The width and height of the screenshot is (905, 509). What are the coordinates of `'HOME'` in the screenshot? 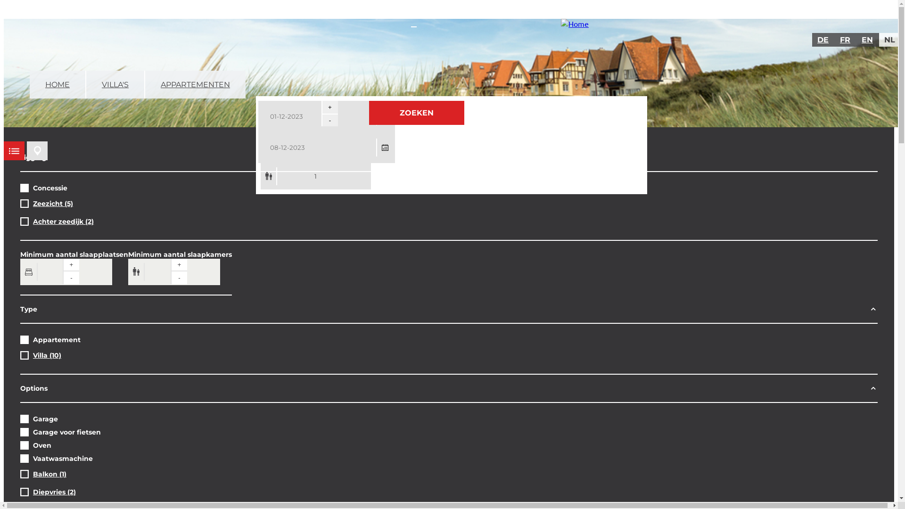 It's located at (29, 84).